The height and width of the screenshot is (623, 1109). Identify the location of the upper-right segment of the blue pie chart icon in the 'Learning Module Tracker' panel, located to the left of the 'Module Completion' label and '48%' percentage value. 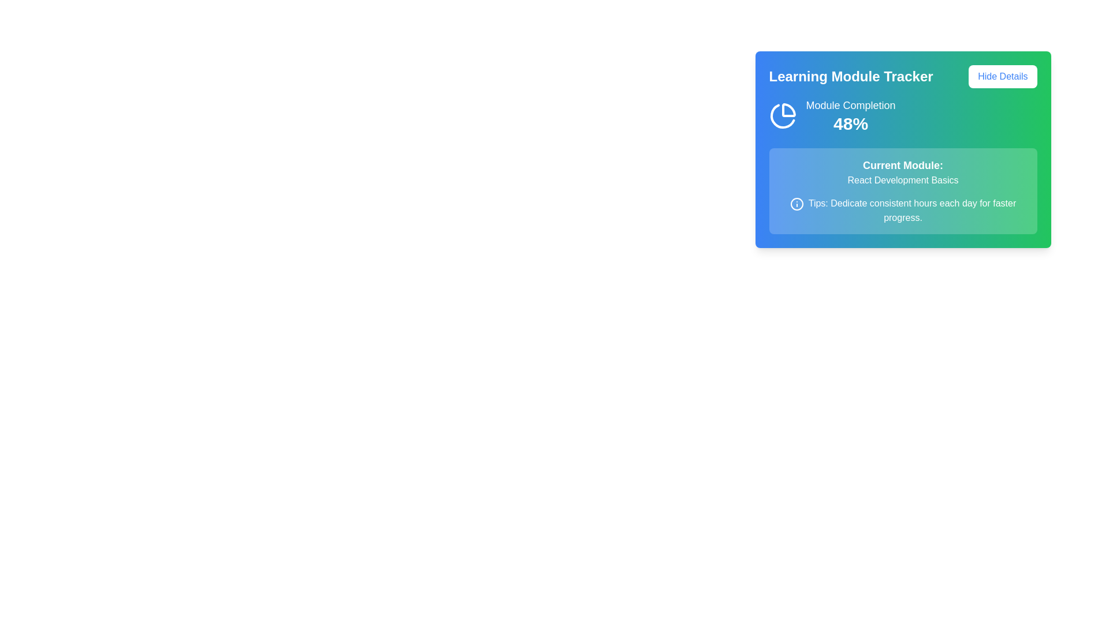
(788, 110).